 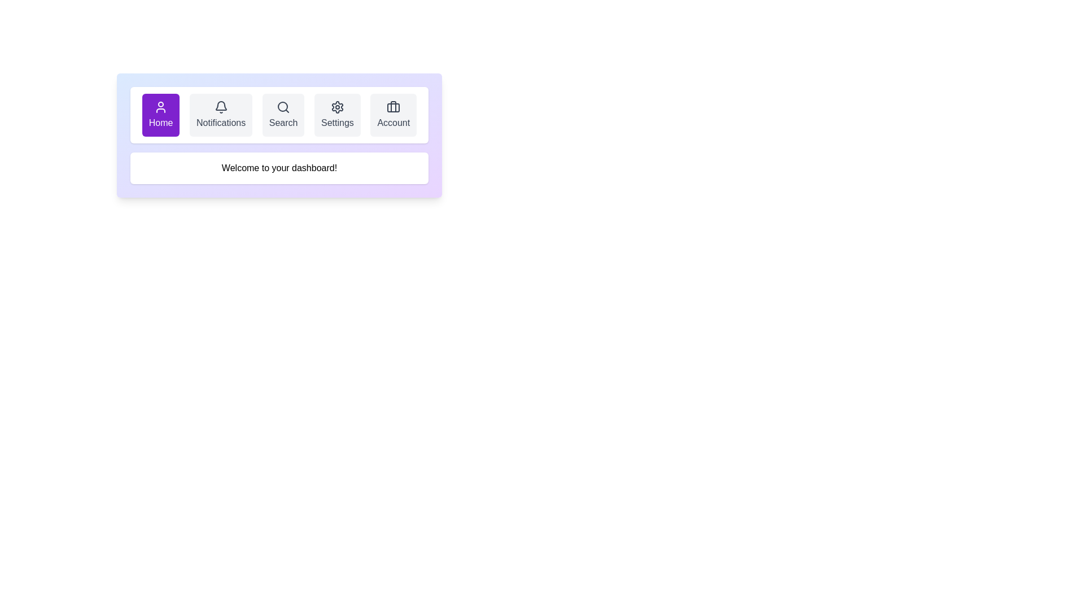 I want to click on the 'Settings' button, which is a rounded rectangular button with a light gray background and a gear icon, located in the top navigation bar between 'Search' and 'Account', so click(x=336, y=115).